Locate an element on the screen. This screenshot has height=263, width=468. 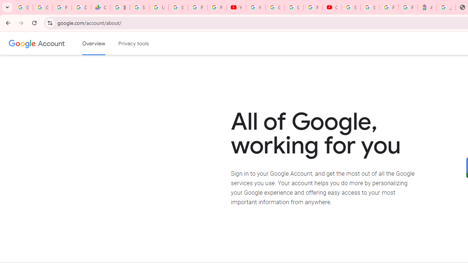
'Reload' is located at coordinates (34, 22).